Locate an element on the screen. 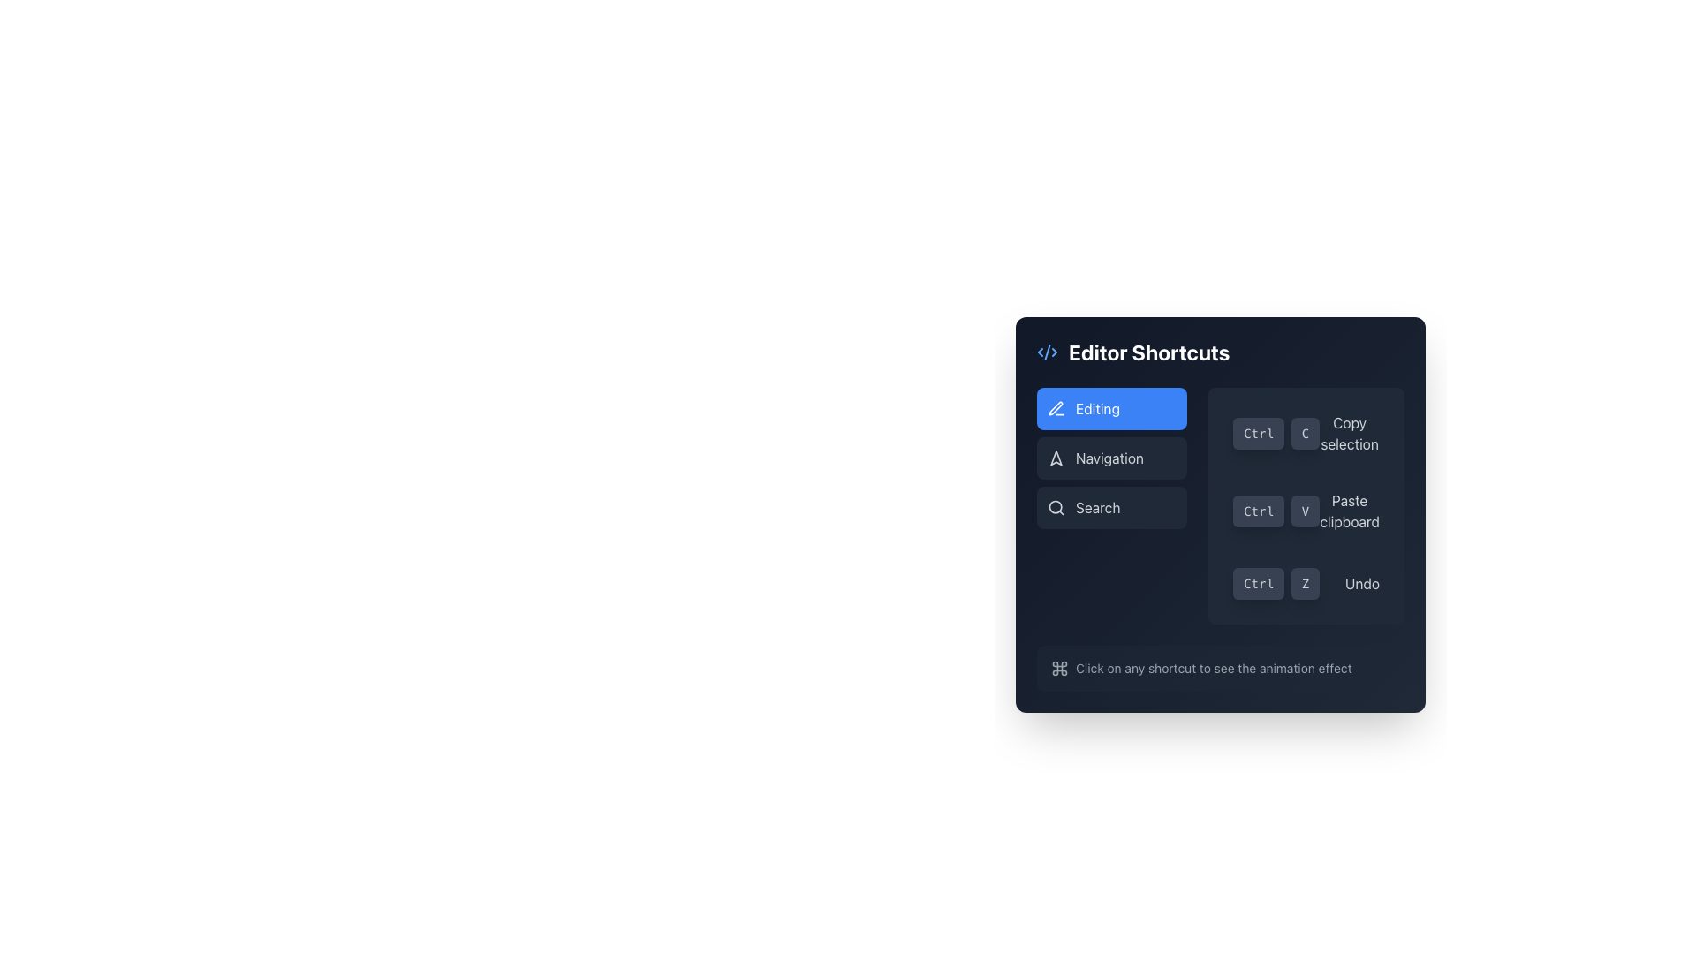 Image resolution: width=1696 pixels, height=954 pixels. the search icon within the 'Search' button, which is the third item in the vertically stacked list under 'Editor Shortcuts.' is located at coordinates (1056, 507).